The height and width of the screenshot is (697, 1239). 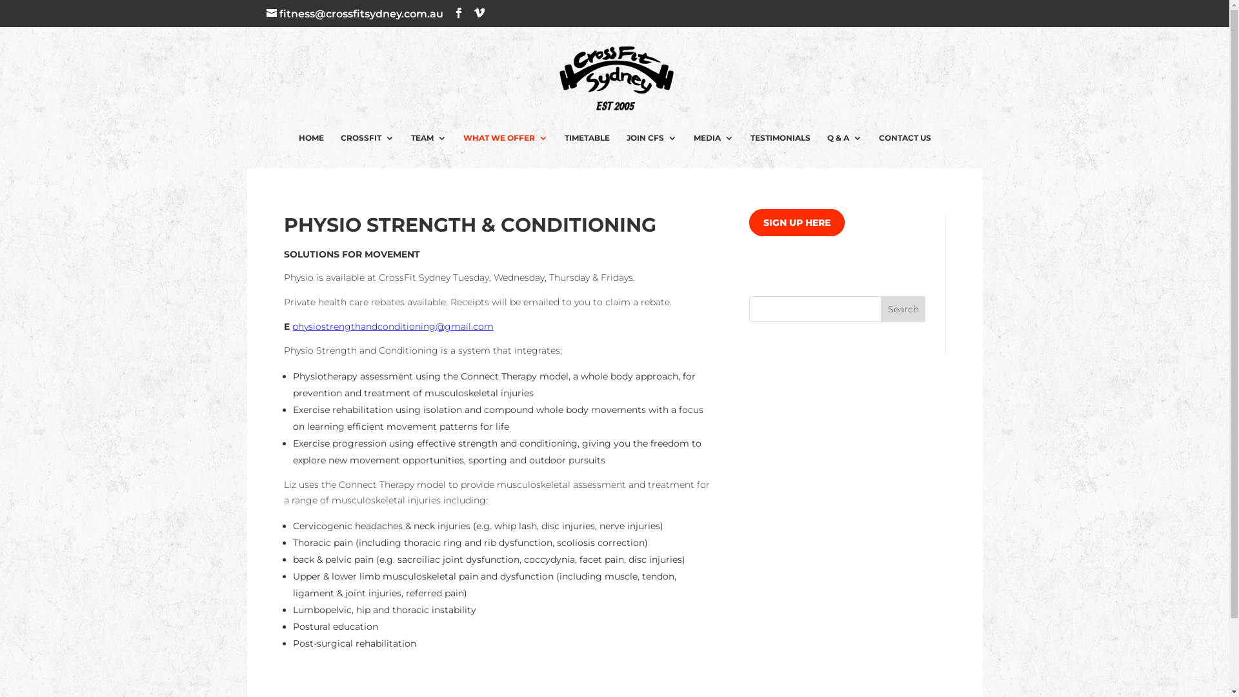 I want to click on 'fitness@crossfitsydney.com.au', so click(x=354, y=14).